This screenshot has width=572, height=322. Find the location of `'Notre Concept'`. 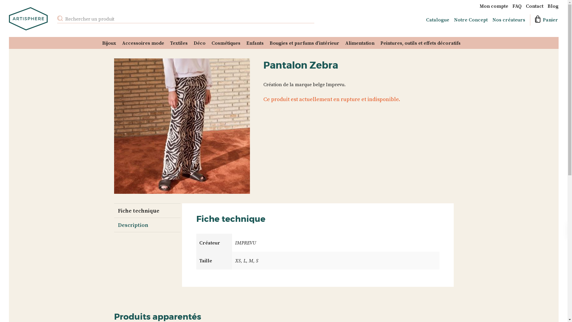

'Notre Concept' is located at coordinates (470, 19).